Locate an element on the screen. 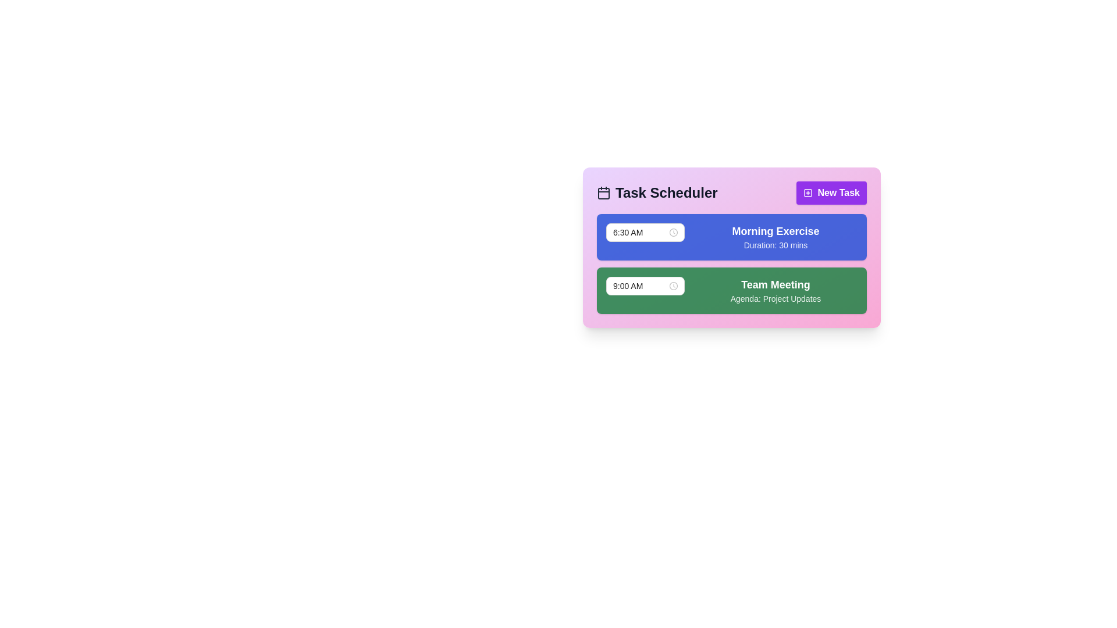 This screenshot has width=1117, height=628. the time input field for 'Morning Exercise' to focus and enable time editing is located at coordinates (645, 233).